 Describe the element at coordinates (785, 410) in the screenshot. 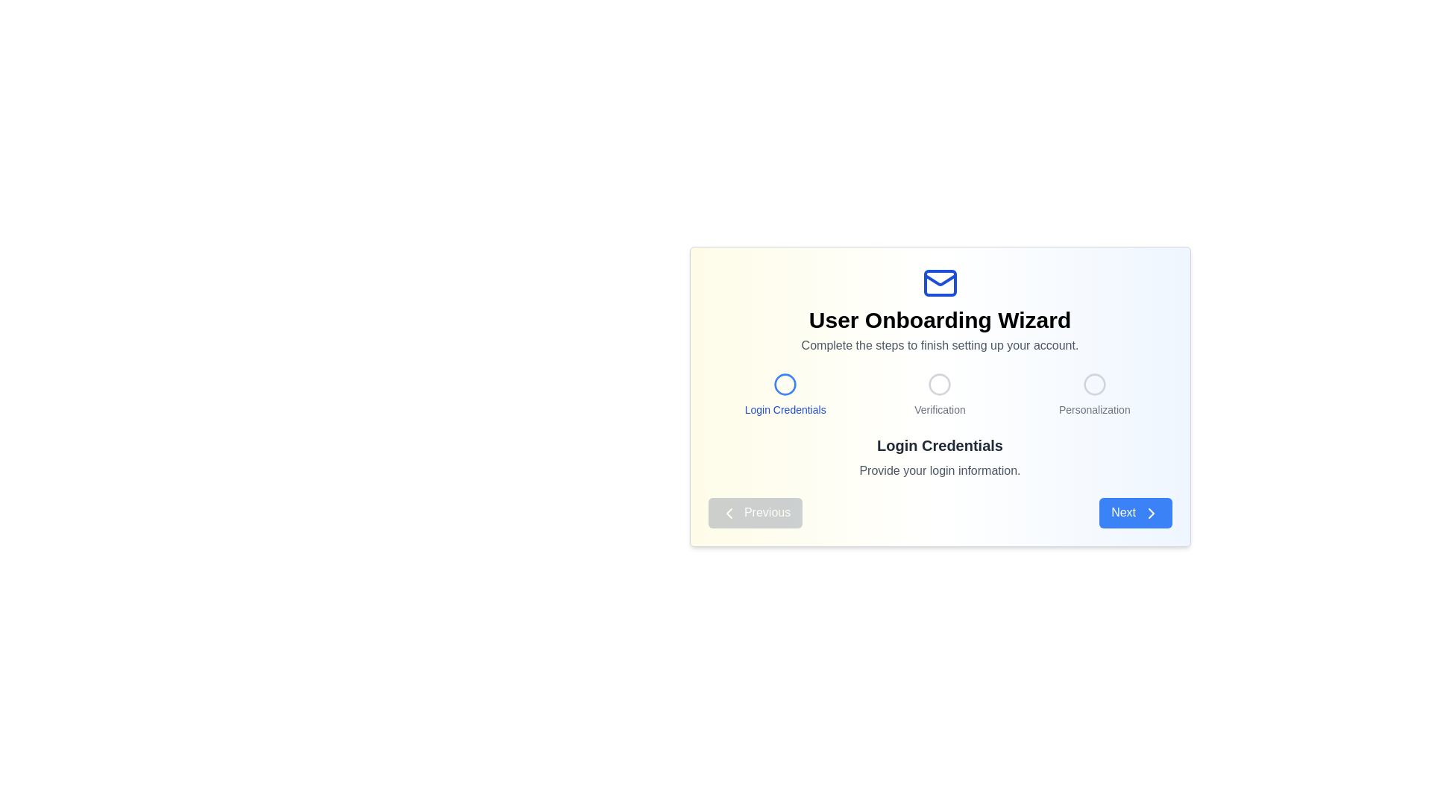

I see `the 'Login Credentials' text label in the onboarding wizard` at that location.